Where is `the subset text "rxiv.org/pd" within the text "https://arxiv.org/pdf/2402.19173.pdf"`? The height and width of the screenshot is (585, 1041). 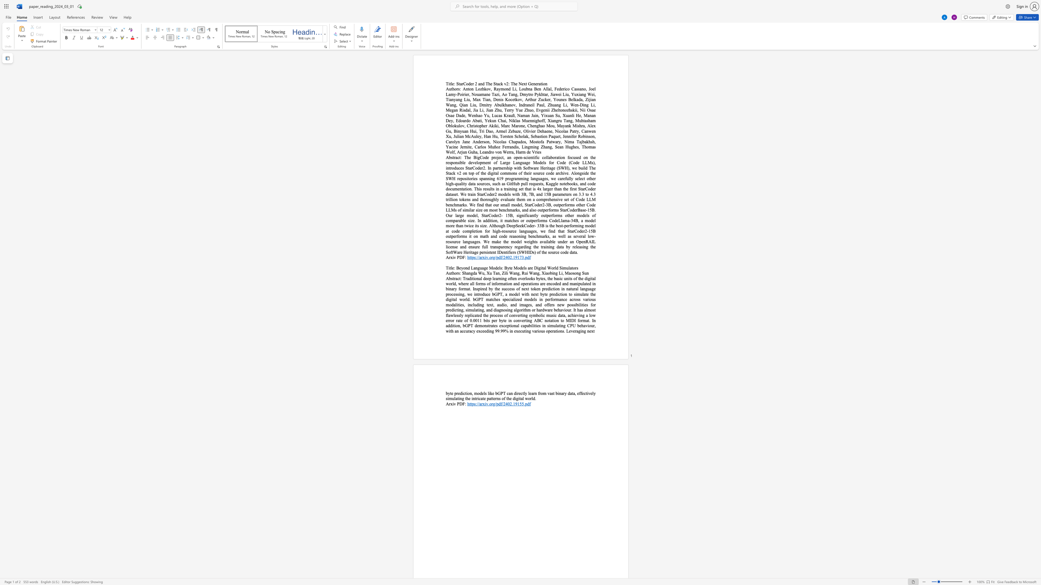 the subset text "rxiv.org/pd" within the text "https://arxiv.org/pdf/2402.19173.pdf" is located at coordinates (481, 257).